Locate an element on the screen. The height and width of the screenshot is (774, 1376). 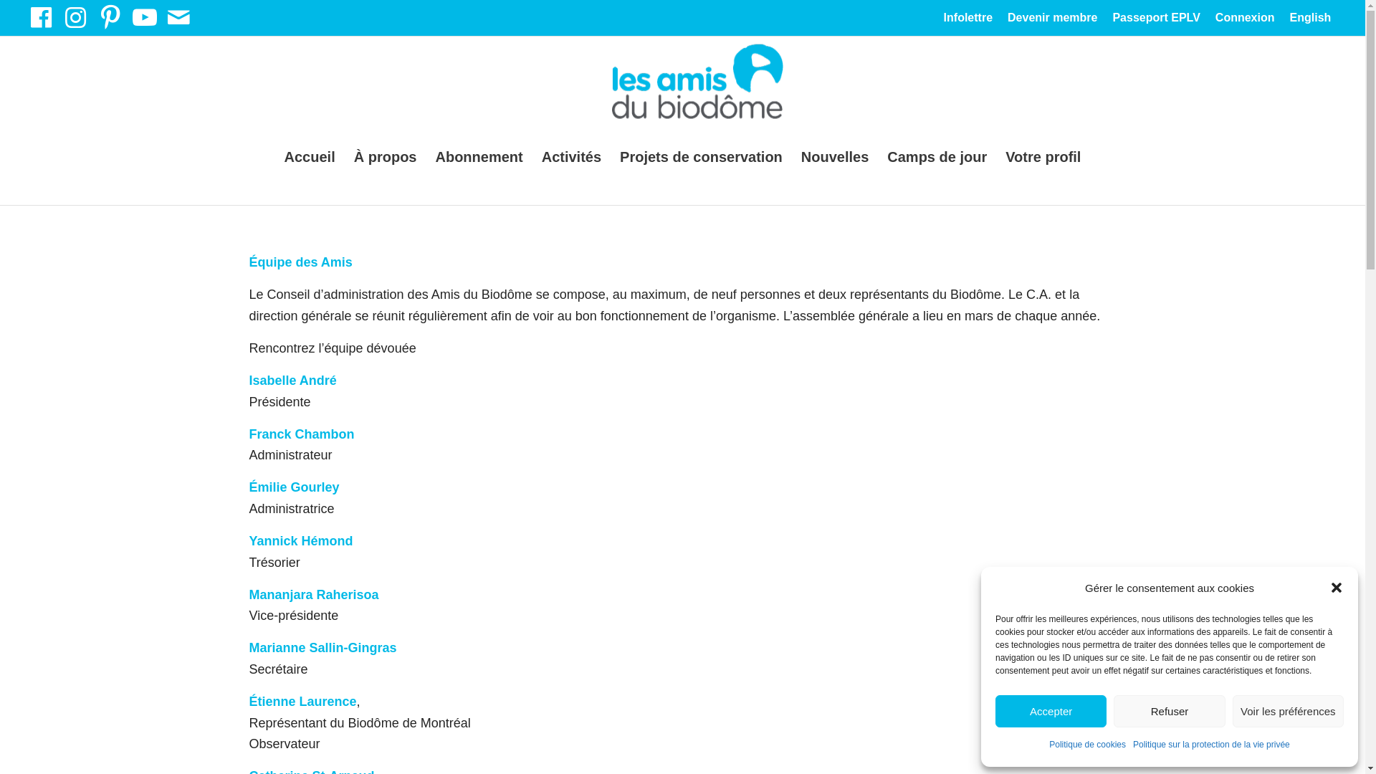
'Facebook1' is located at coordinates (41, 16).